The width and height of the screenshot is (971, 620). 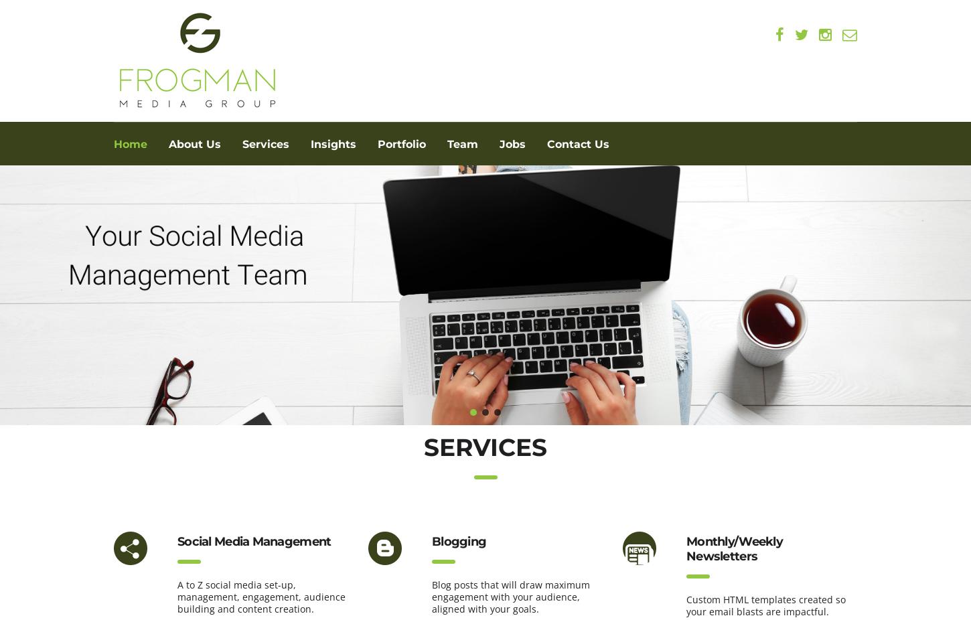 I want to click on 'Newsletters', so click(x=721, y=556).